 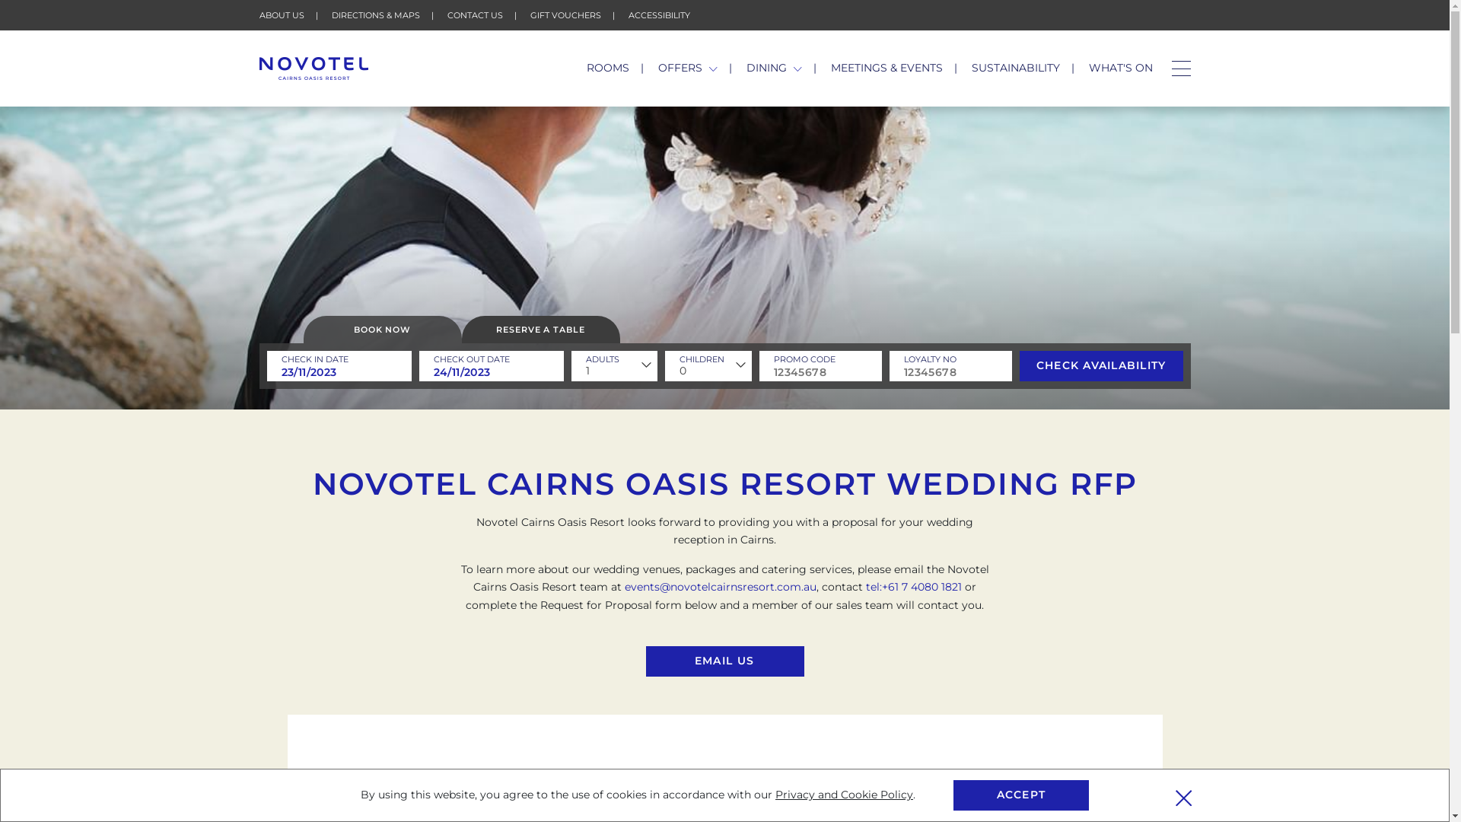 I want to click on 'events@novotelcairnsresort.com.au', so click(x=719, y=586).